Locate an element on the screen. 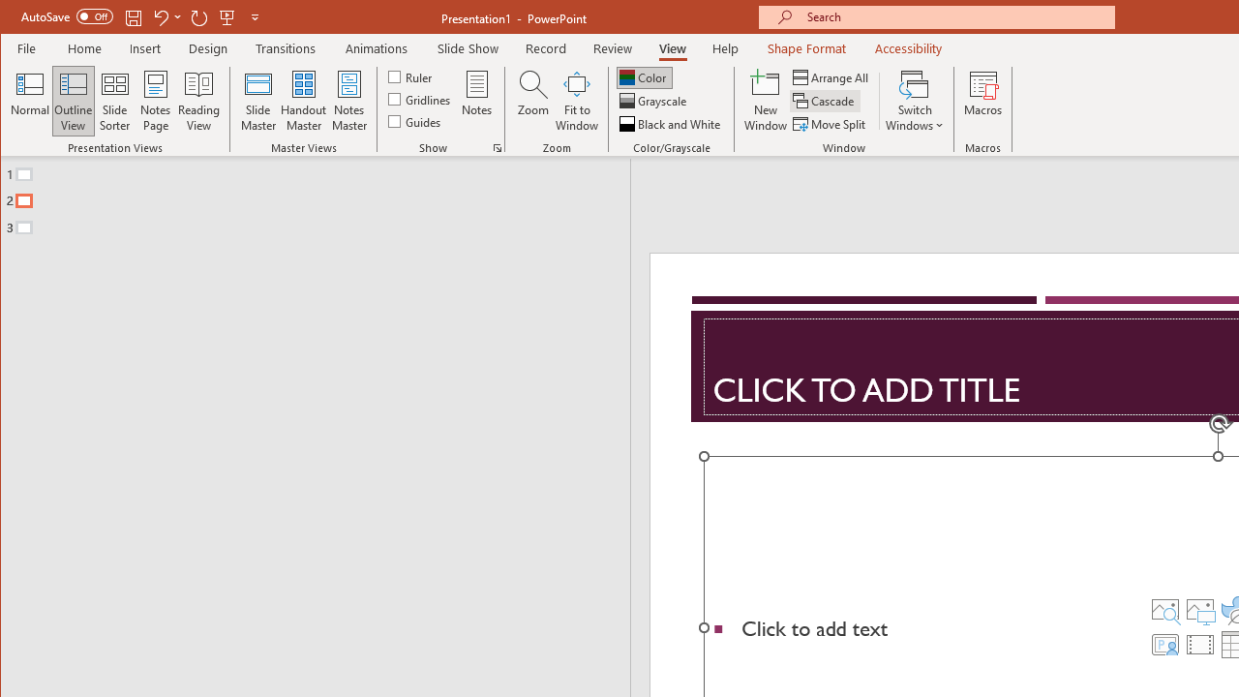 This screenshot has width=1239, height=697. 'New Window' is located at coordinates (765, 101).